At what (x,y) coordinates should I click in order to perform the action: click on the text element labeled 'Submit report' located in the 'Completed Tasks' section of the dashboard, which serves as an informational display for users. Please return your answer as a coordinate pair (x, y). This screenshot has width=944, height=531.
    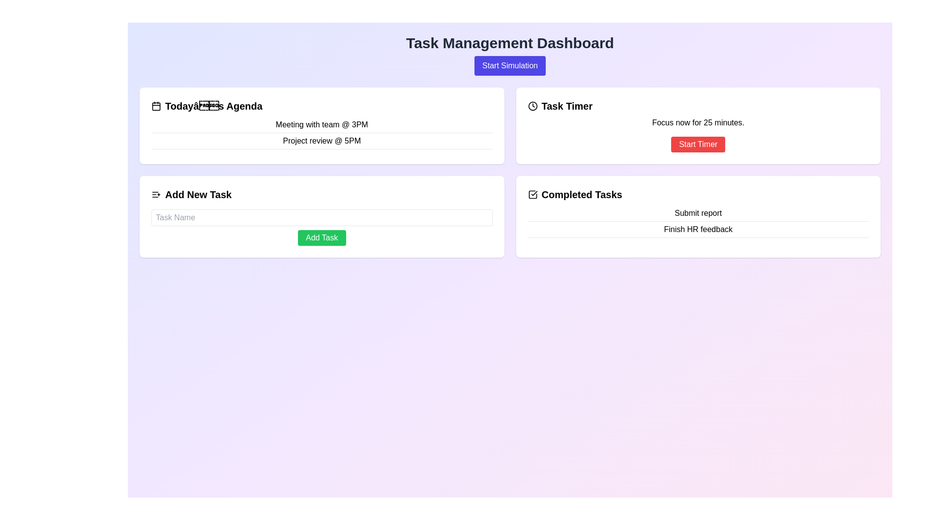
    Looking at the image, I should click on (698, 213).